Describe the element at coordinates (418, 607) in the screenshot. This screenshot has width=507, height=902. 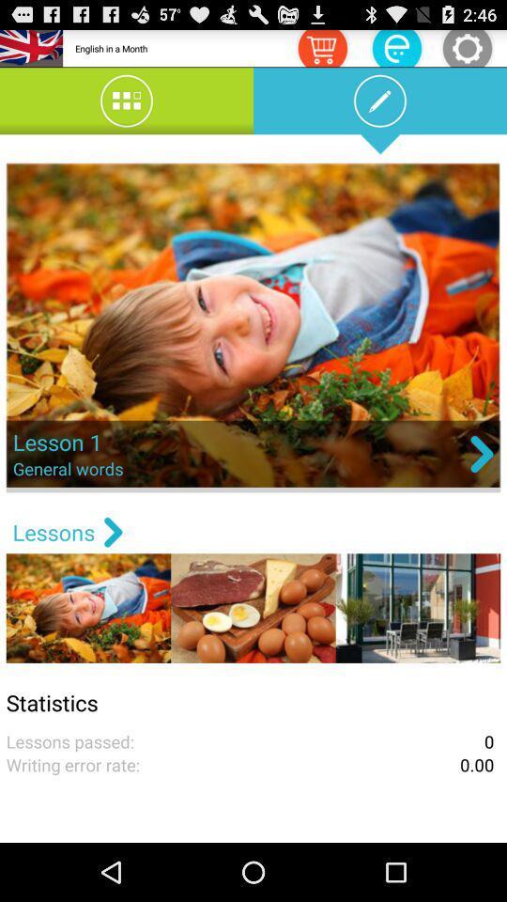
I see `the third image under the text lessons` at that location.